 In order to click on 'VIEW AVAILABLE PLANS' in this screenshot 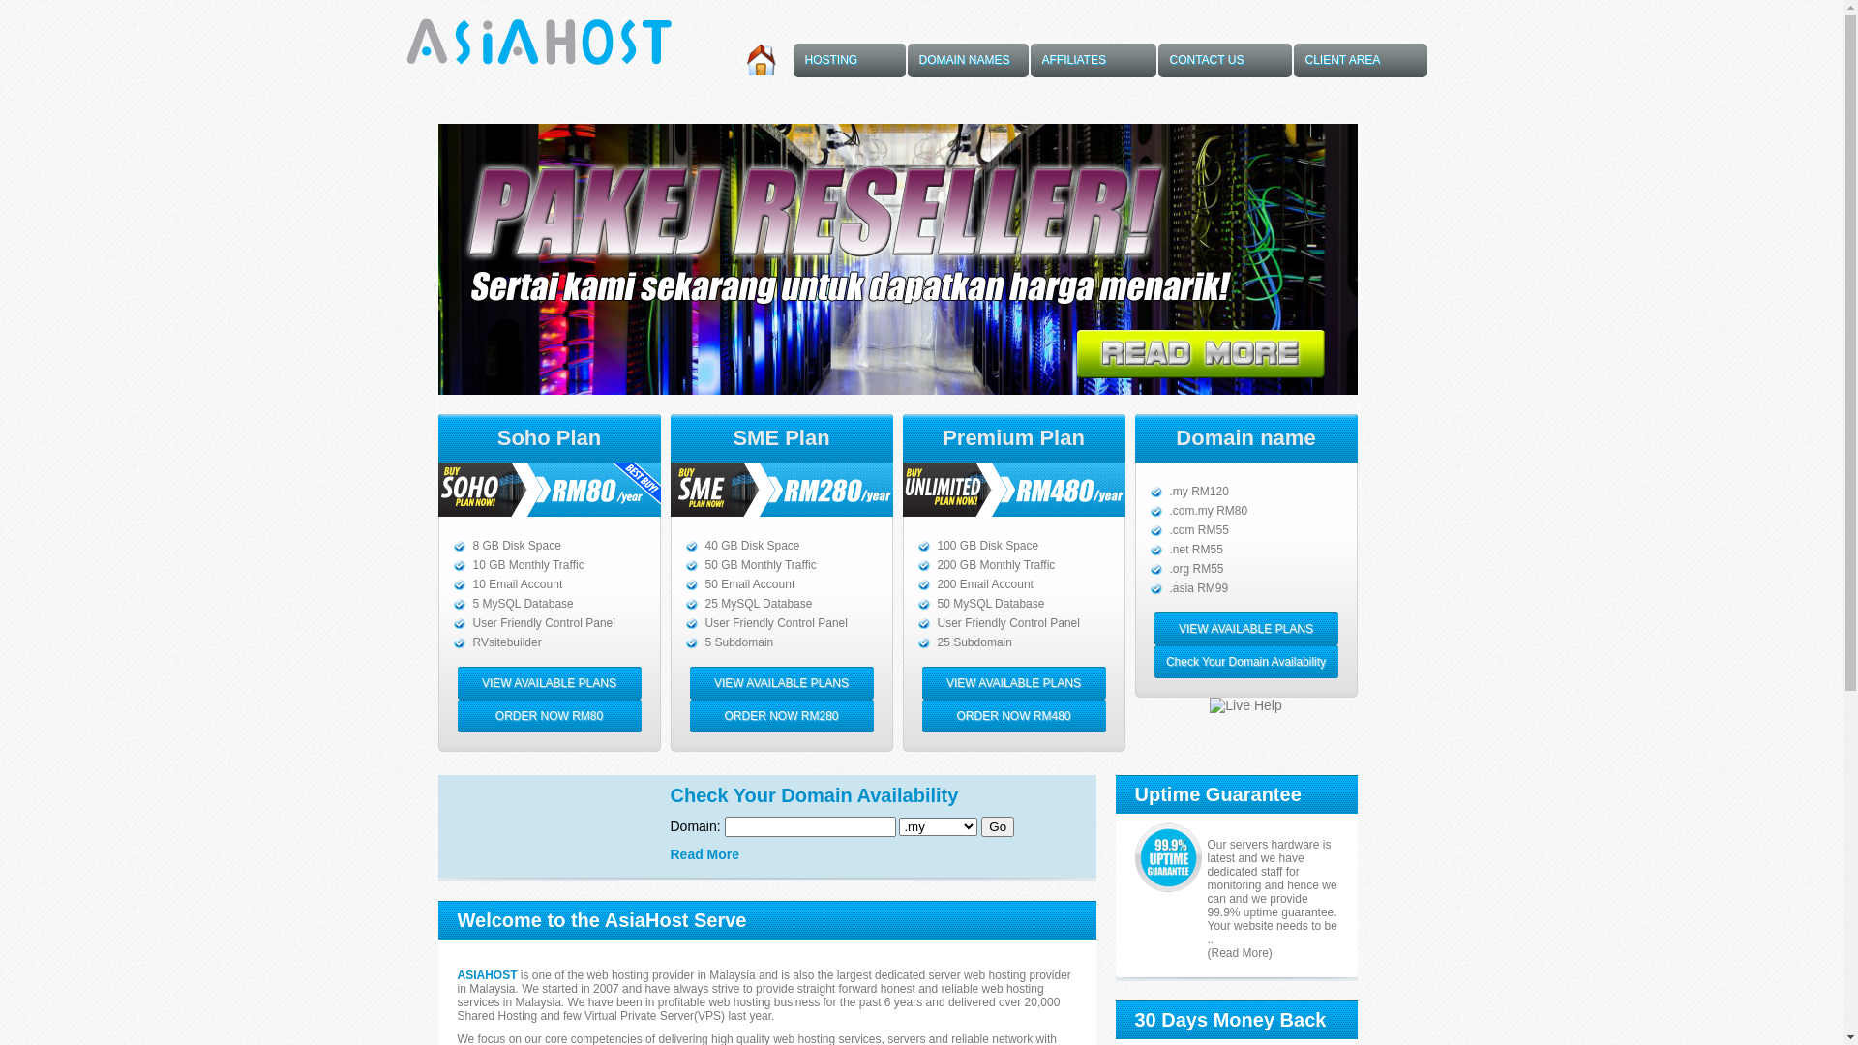, I will do `click(547, 681)`.